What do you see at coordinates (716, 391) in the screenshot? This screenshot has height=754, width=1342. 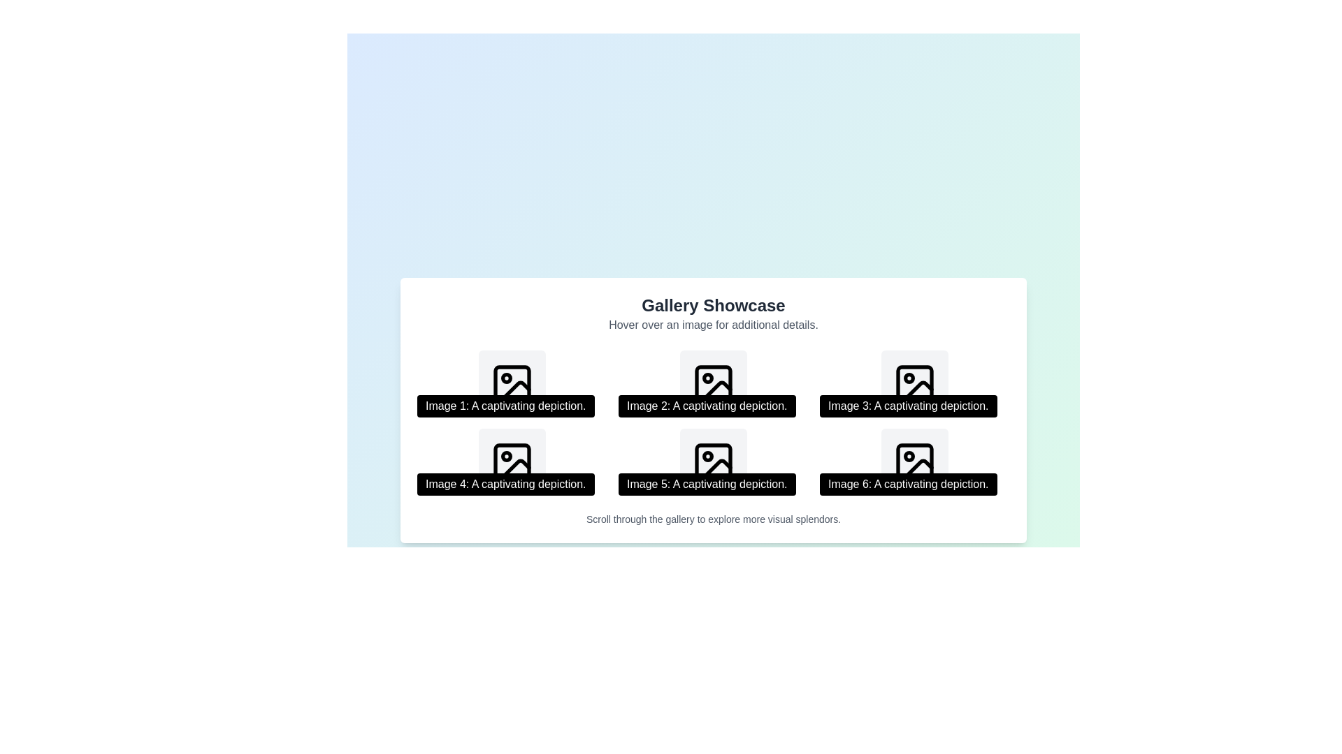 I see `the vector graphic element that enhances the visual appeal of the image placeholder in the lower right corner of 'Image 2: A captivating depiction.'` at bounding box center [716, 391].